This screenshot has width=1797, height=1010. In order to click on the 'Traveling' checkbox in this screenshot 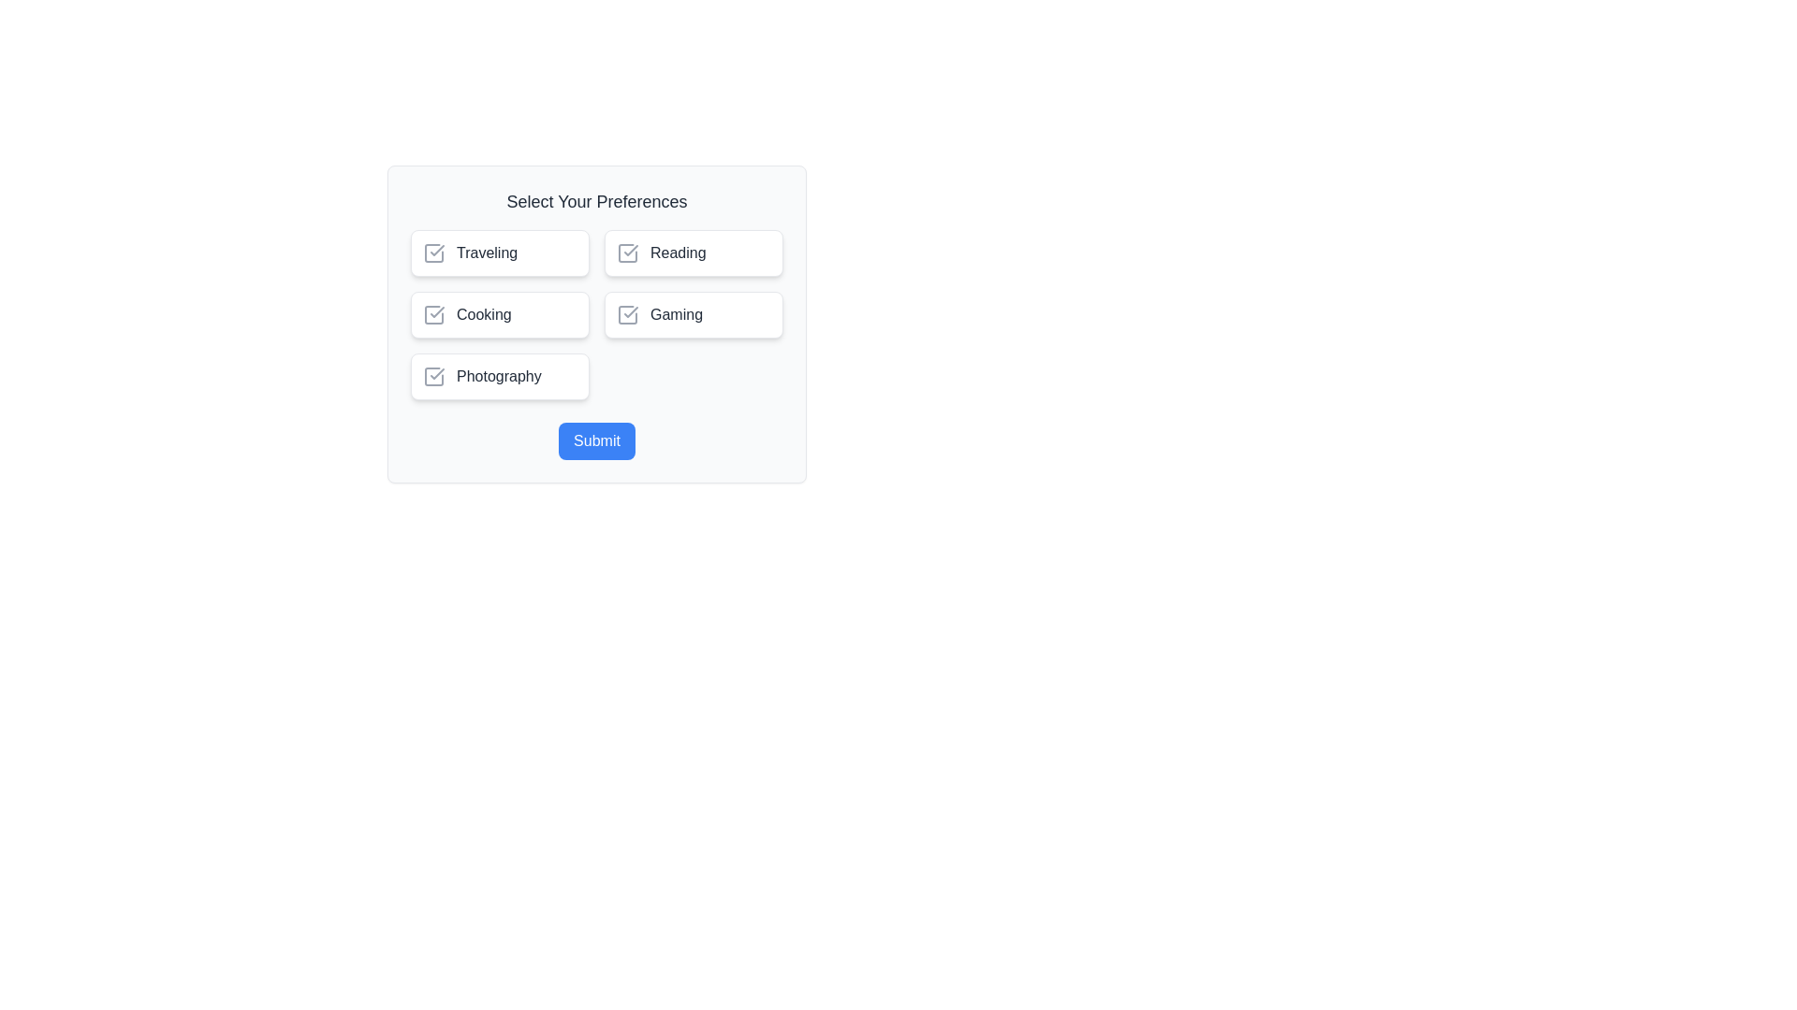, I will do `click(500, 252)`.